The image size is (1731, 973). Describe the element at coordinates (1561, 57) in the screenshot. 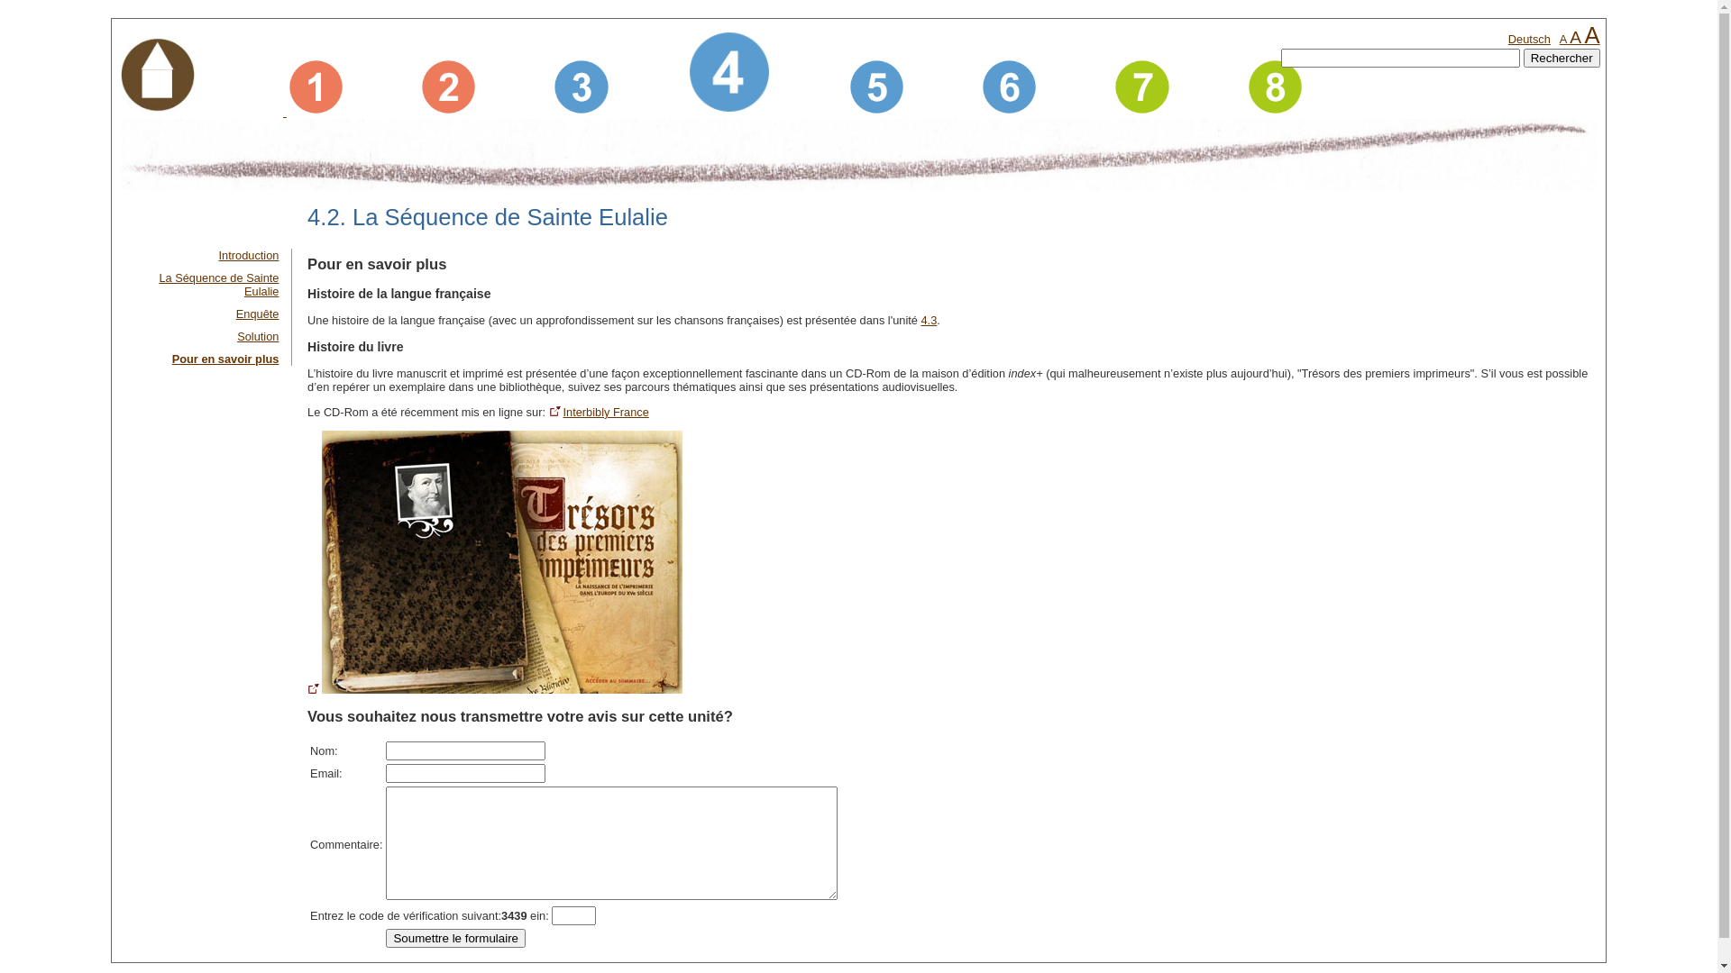

I see `'Rechercher'` at that location.